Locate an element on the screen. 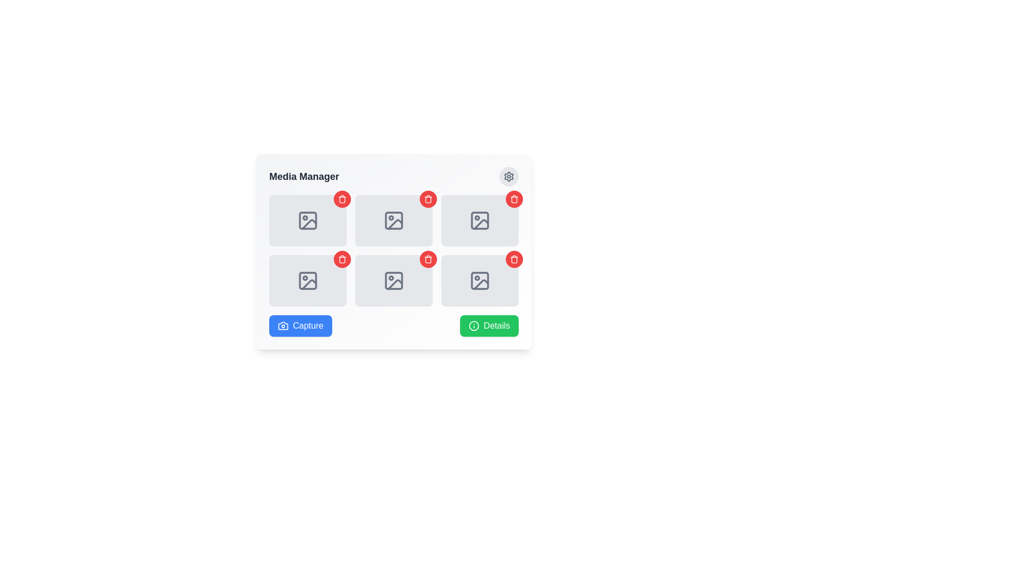 This screenshot has height=580, width=1032. the settings icon located at the top-right corner of the panel is located at coordinates (508, 176).